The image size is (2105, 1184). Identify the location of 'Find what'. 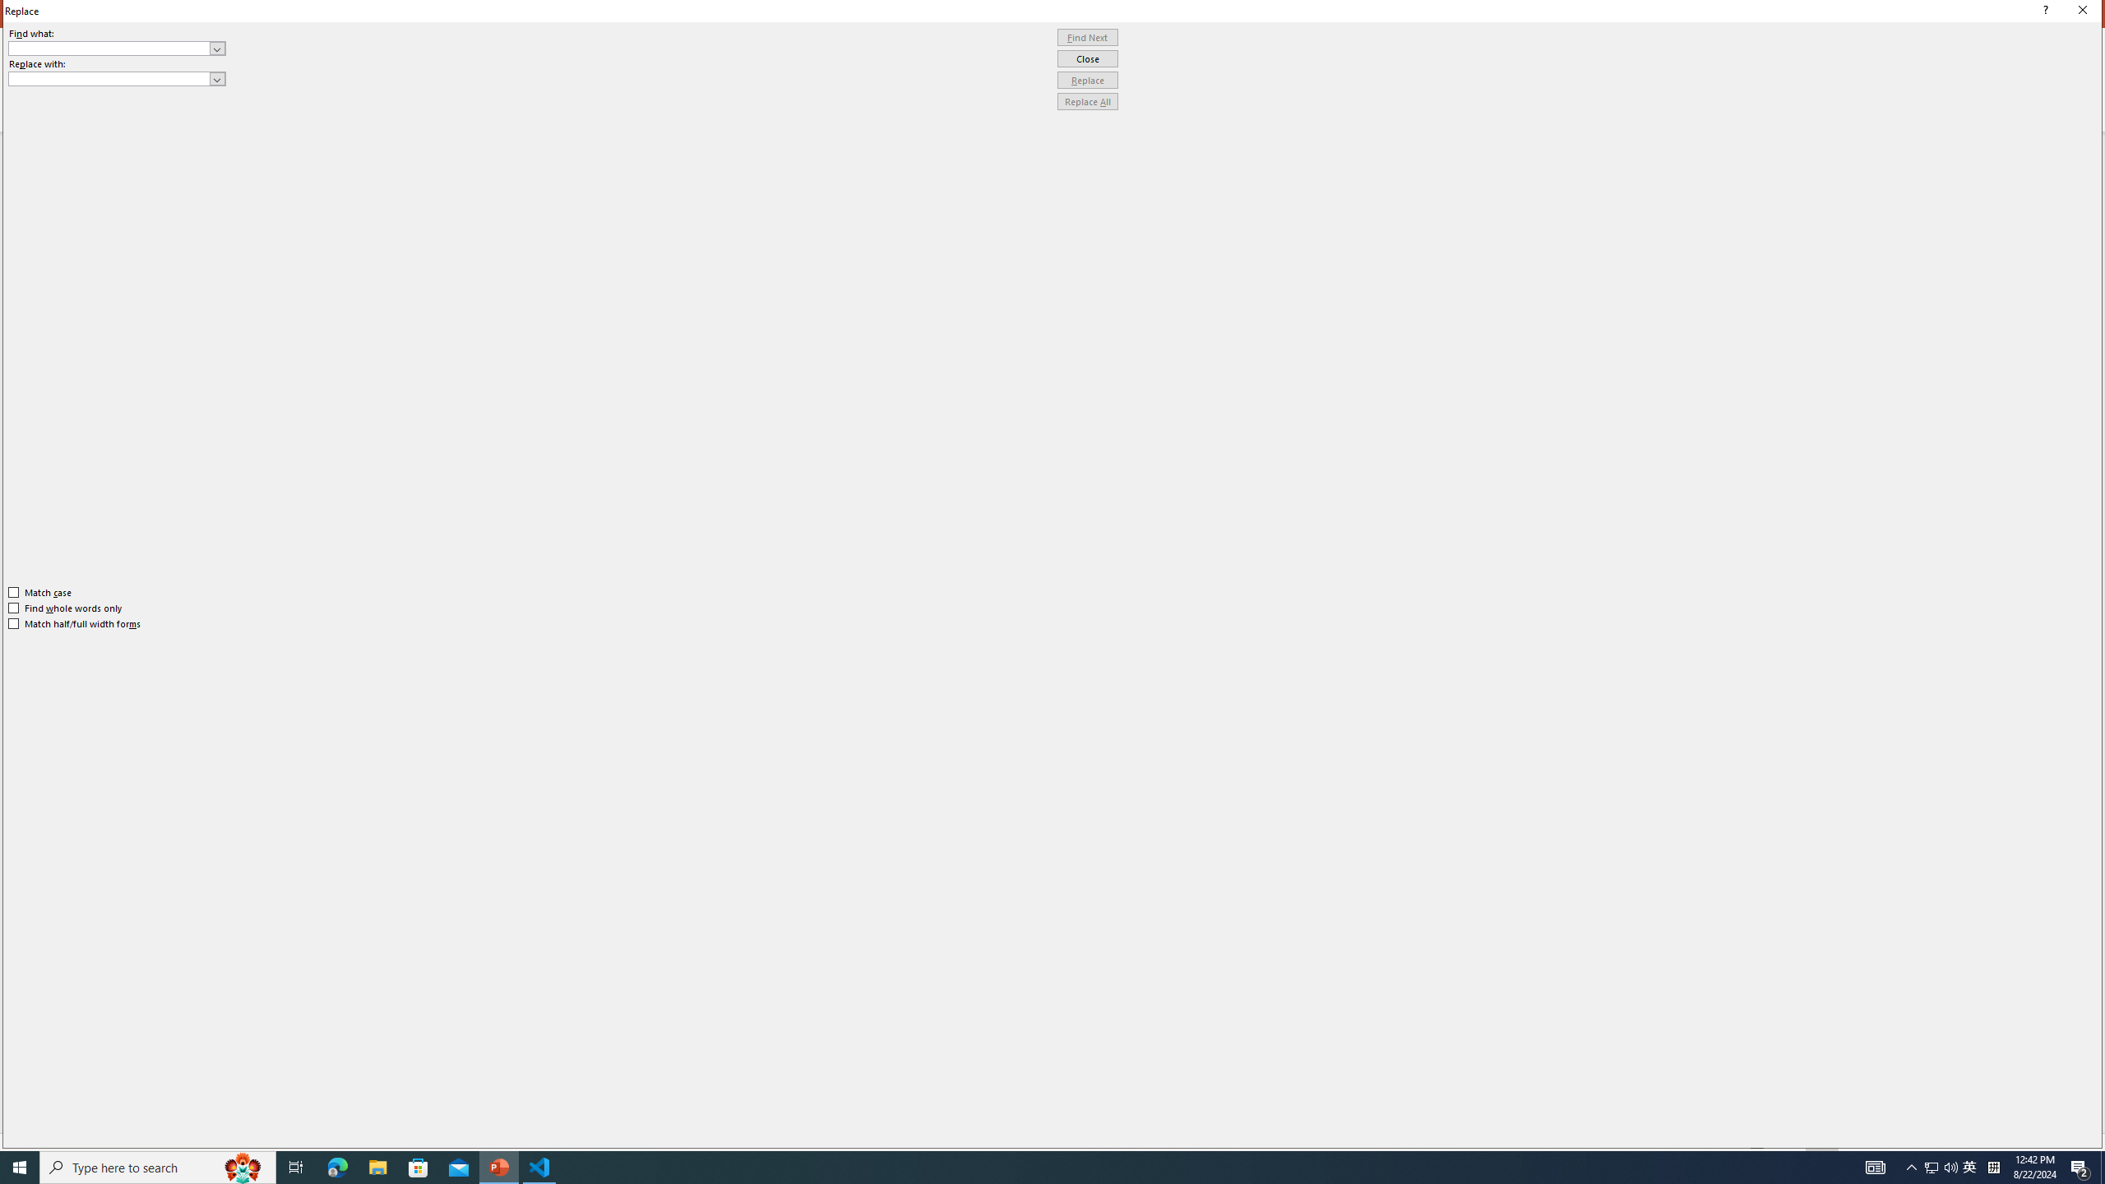
(109, 48).